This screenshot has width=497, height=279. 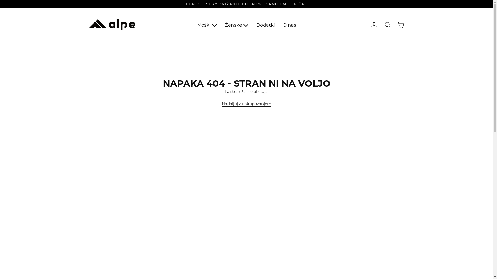 I want to click on 'Nadaljuj z nakupovanjem', so click(x=246, y=104).